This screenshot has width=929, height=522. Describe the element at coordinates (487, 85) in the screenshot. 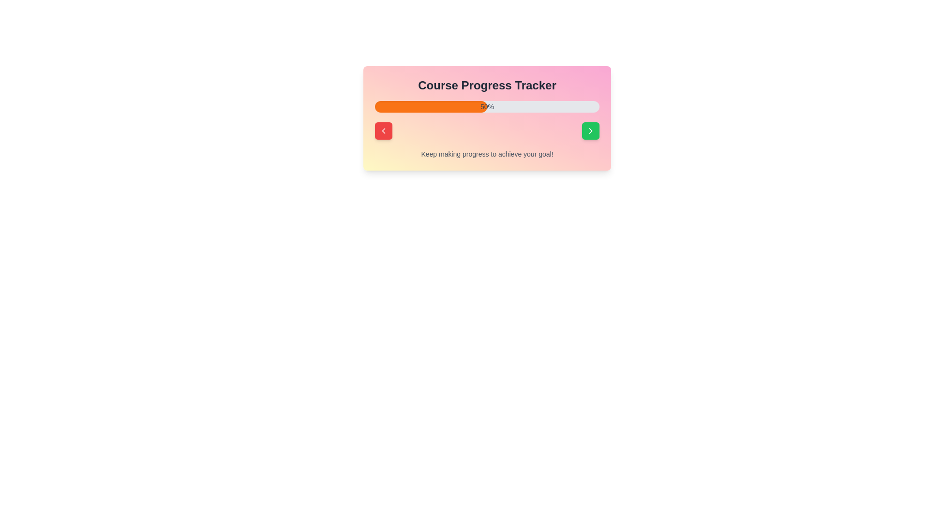

I see `header text label indicating the purpose of the enclosing UI component for tracking course progress, which is positioned centrally above a progress bar` at that location.